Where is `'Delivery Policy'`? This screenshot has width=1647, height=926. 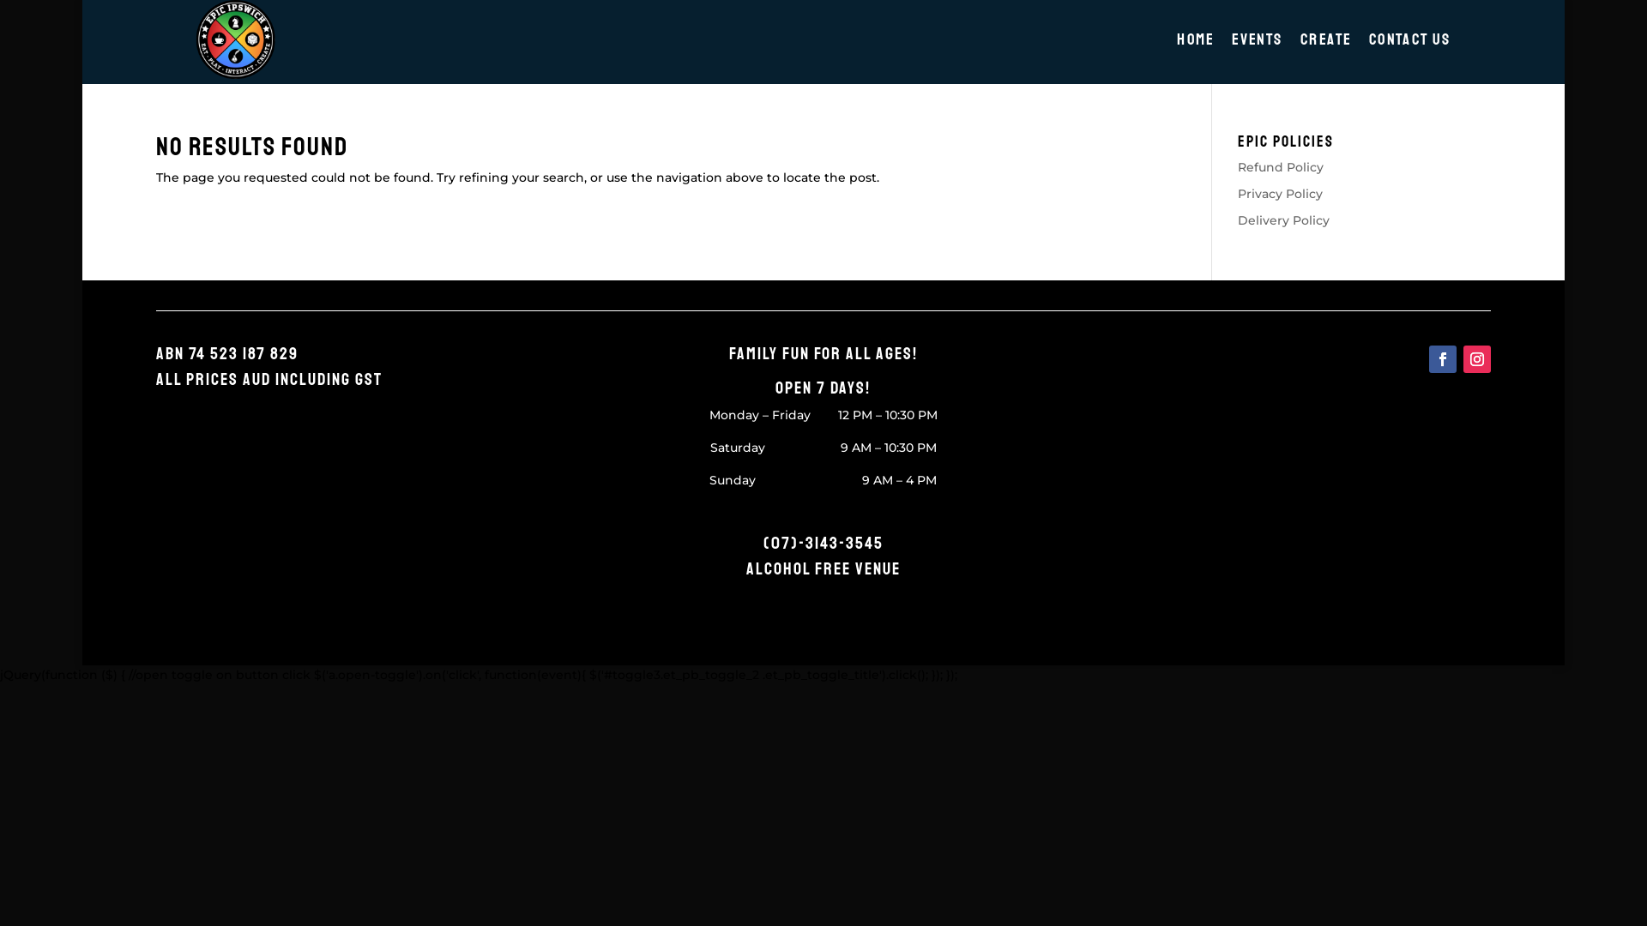
'Delivery Policy' is located at coordinates (1238, 219).